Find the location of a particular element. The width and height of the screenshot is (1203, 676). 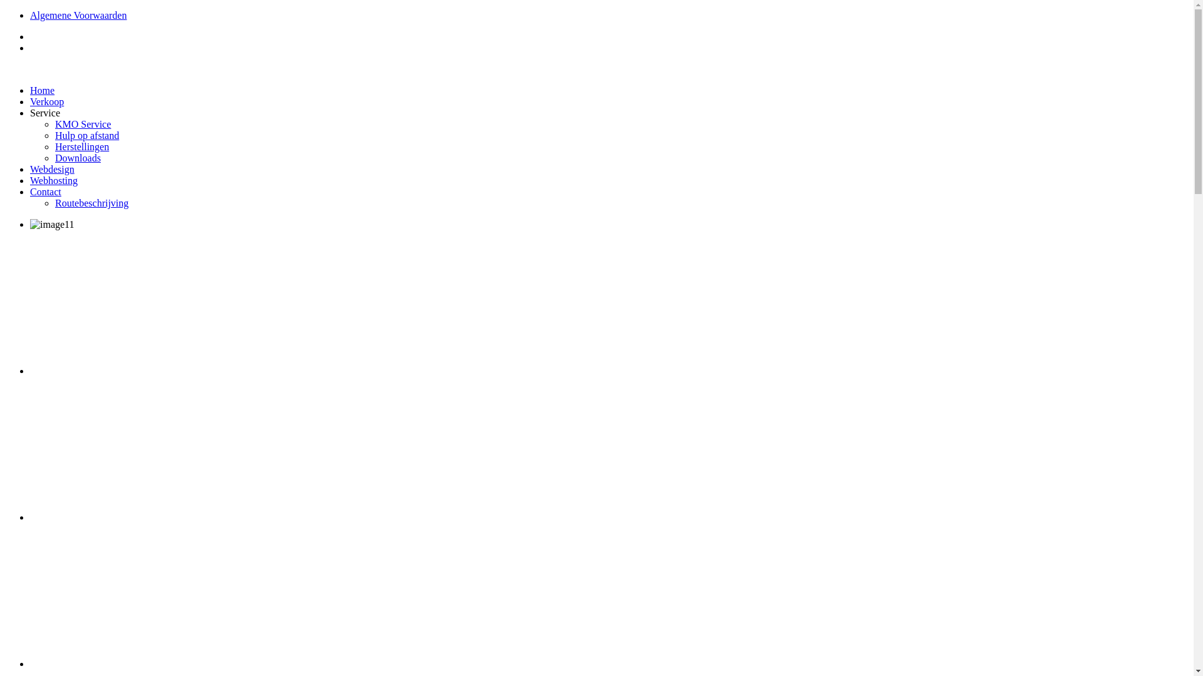

'Contact' is located at coordinates (30, 192).